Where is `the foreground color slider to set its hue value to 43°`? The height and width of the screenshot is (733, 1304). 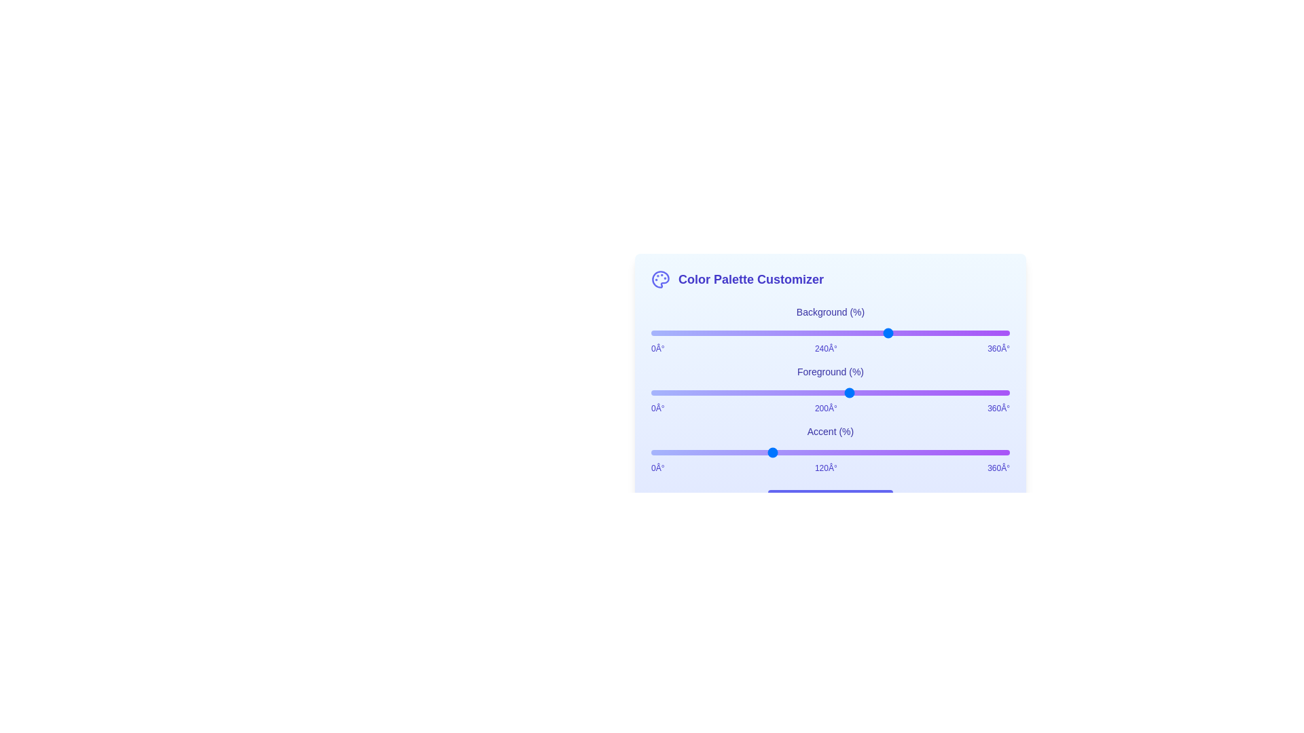 the foreground color slider to set its hue value to 43° is located at coordinates (694, 392).